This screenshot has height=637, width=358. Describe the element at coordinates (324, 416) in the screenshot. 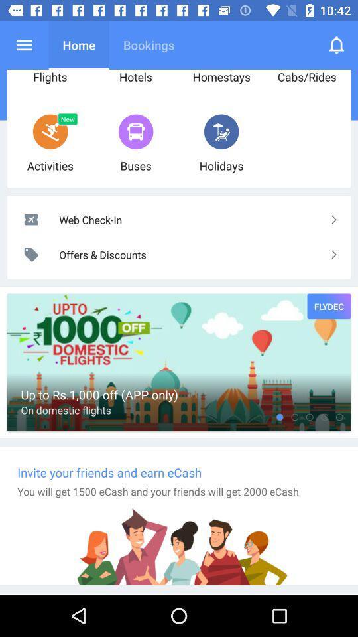

I see `the item below the flydec icon` at that location.